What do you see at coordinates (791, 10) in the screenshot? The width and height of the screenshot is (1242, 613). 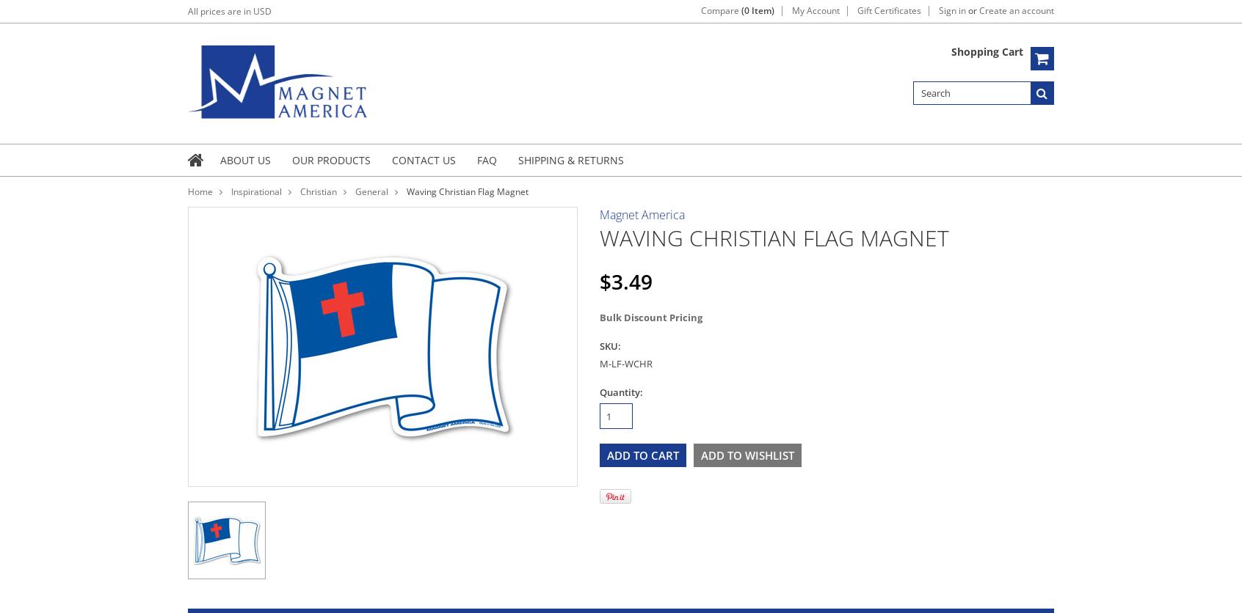 I see `'My Account'` at bounding box center [791, 10].